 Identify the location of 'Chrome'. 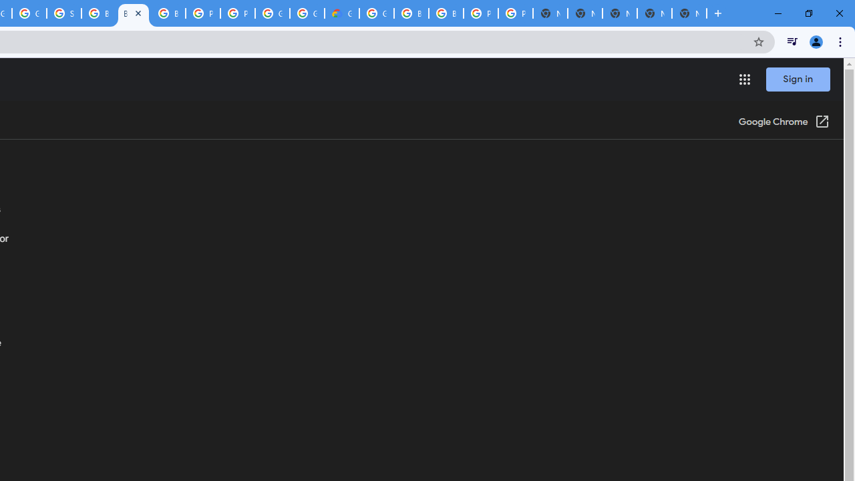
(841, 41).